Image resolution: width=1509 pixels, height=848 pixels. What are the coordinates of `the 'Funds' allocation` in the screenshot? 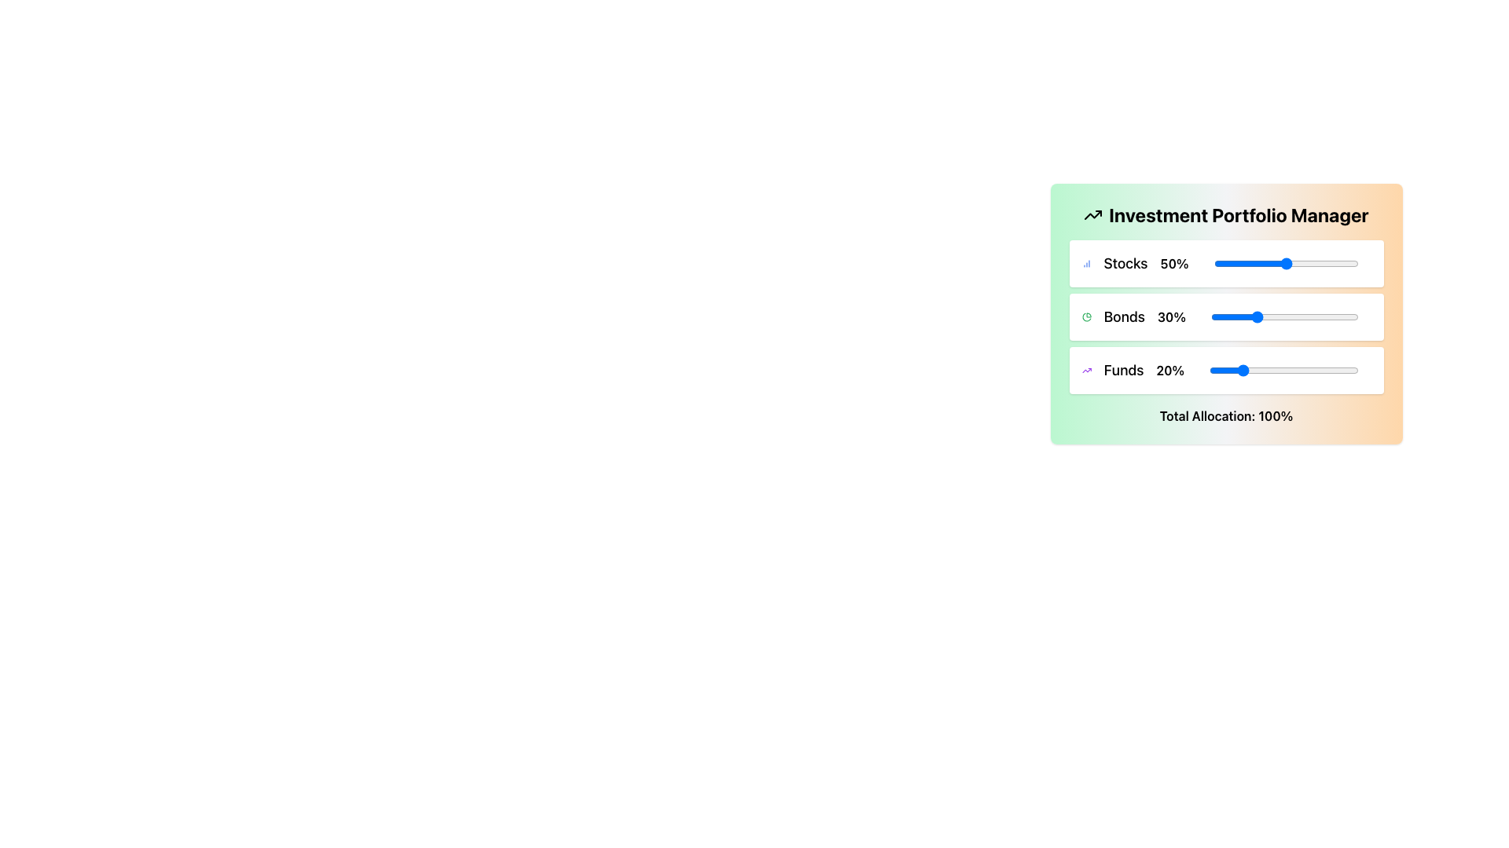 It's located at (1237, 370).